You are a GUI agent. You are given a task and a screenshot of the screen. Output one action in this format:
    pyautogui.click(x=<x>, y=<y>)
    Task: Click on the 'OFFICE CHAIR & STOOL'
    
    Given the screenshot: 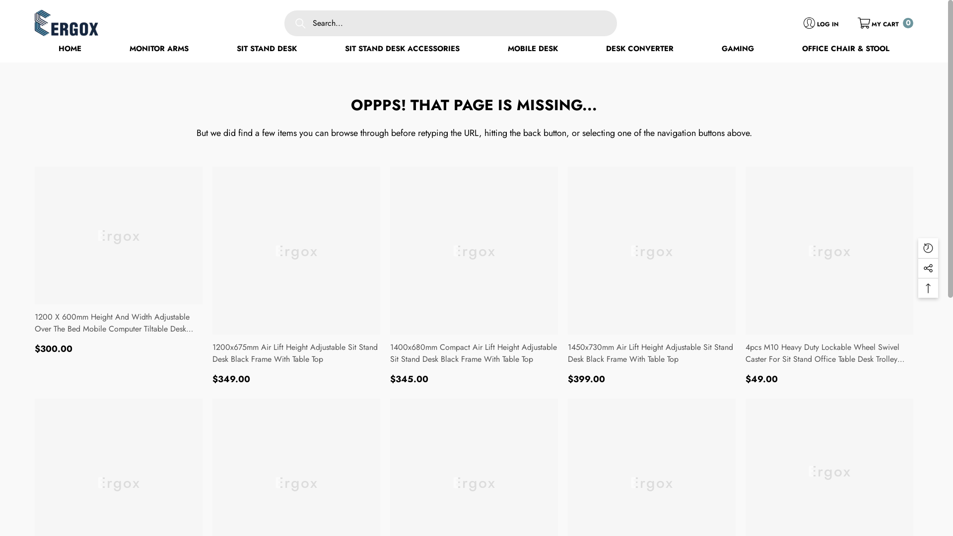 What is the action you would take?
    pyautogui.click(x=845, y=49)
    